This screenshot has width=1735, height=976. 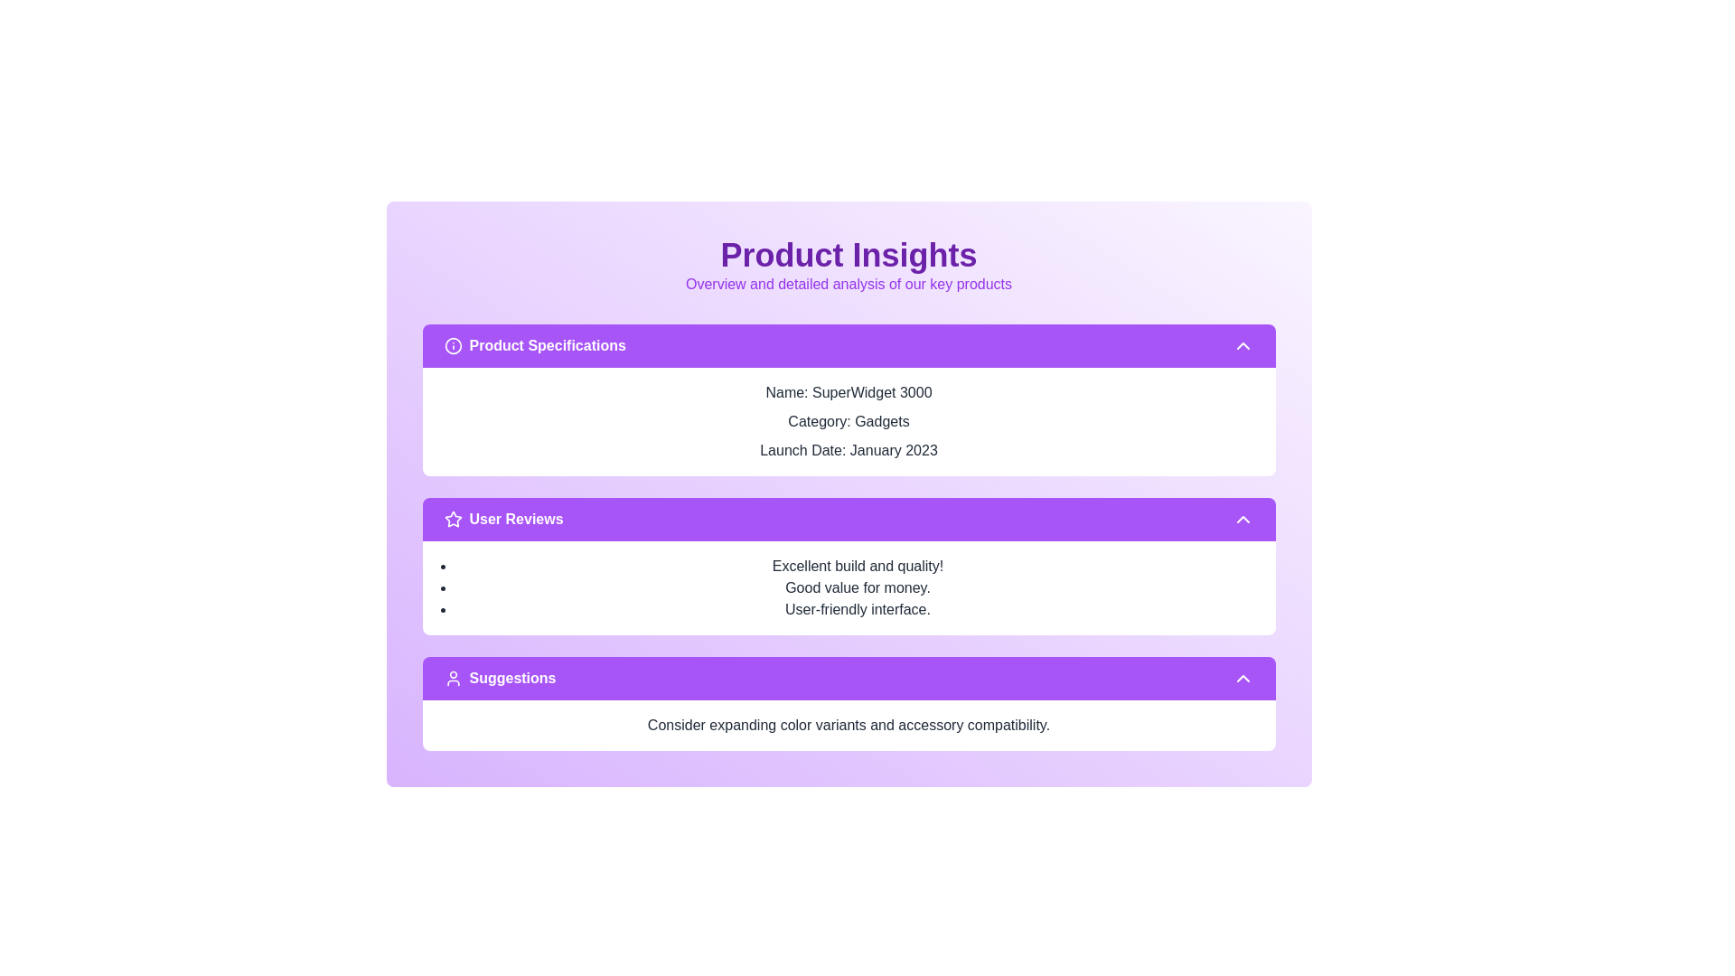 What do you see at coordinates (848, 449) in the screenshot?
I see `the informational text indicating the launch date of the product, which is the last item under 'Product Specifications.'` at bounding box center [848, 449].